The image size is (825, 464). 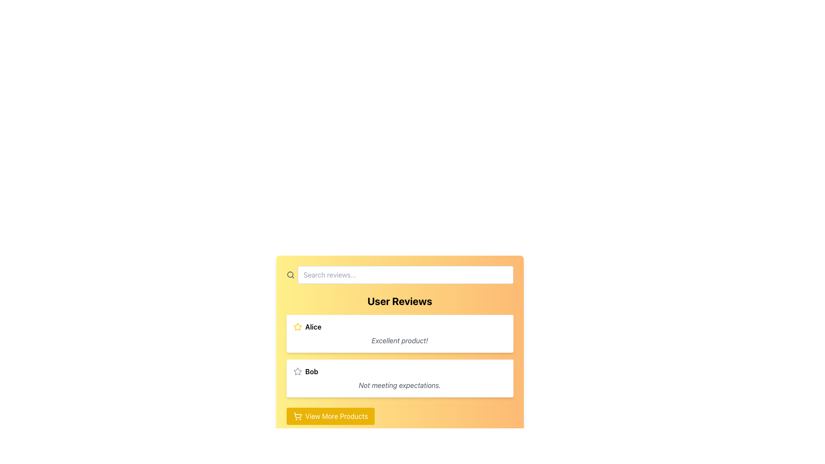 I want to click on the star icon indicating the user's rating located to the immediate left of the text 'Alice' in the 'User Reviews' section, so click(x=297, y=327).